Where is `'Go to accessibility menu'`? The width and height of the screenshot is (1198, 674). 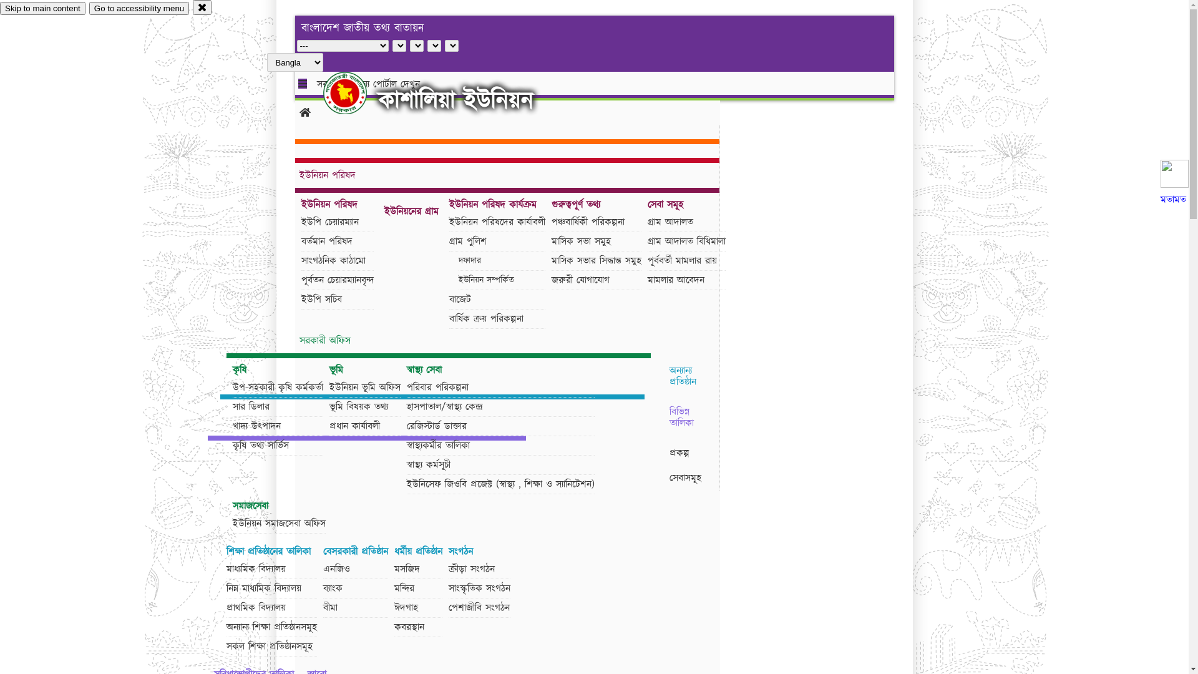 'Go to accessibility menu' is located at coordinates (139, 8).